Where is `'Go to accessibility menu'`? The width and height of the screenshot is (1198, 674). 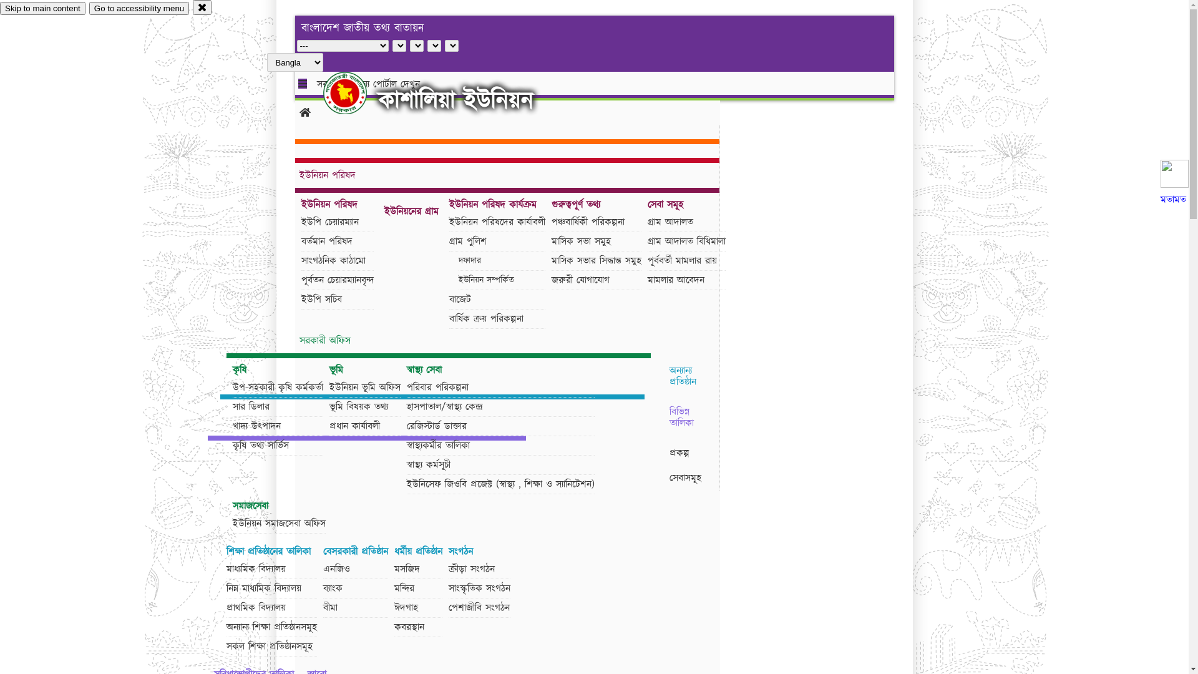 'Go to accessibility menu' is located at coordinates (139, 8).